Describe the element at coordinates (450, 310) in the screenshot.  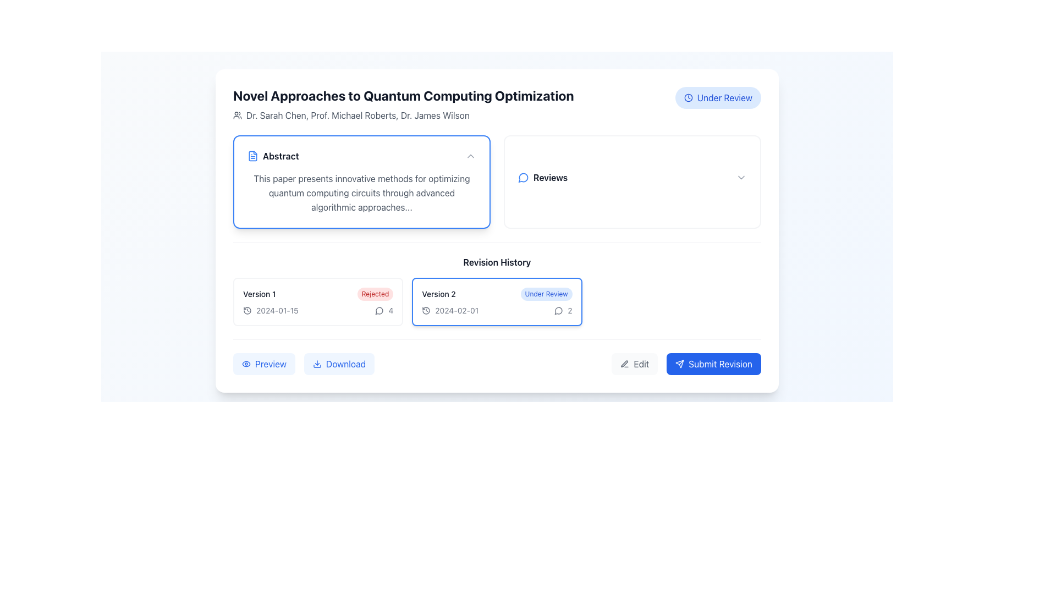
I see `the clock icon associated with the date '2024-02-01' displayed in gray color next to the text label under the 'Version 2' section of the 'Revision History'` at that location.